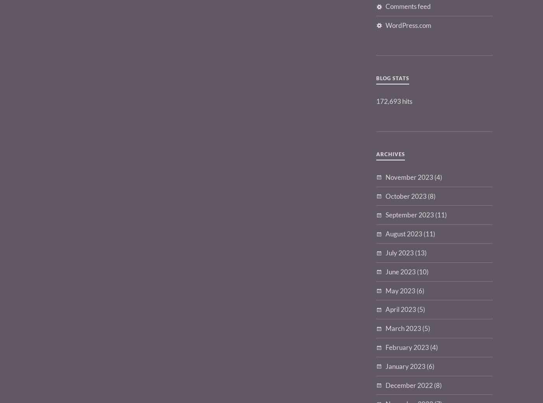  What do you see at coordinates (409, 385) in the screenshot?
I see `'December 2022'` at bounding box center [409, 385].